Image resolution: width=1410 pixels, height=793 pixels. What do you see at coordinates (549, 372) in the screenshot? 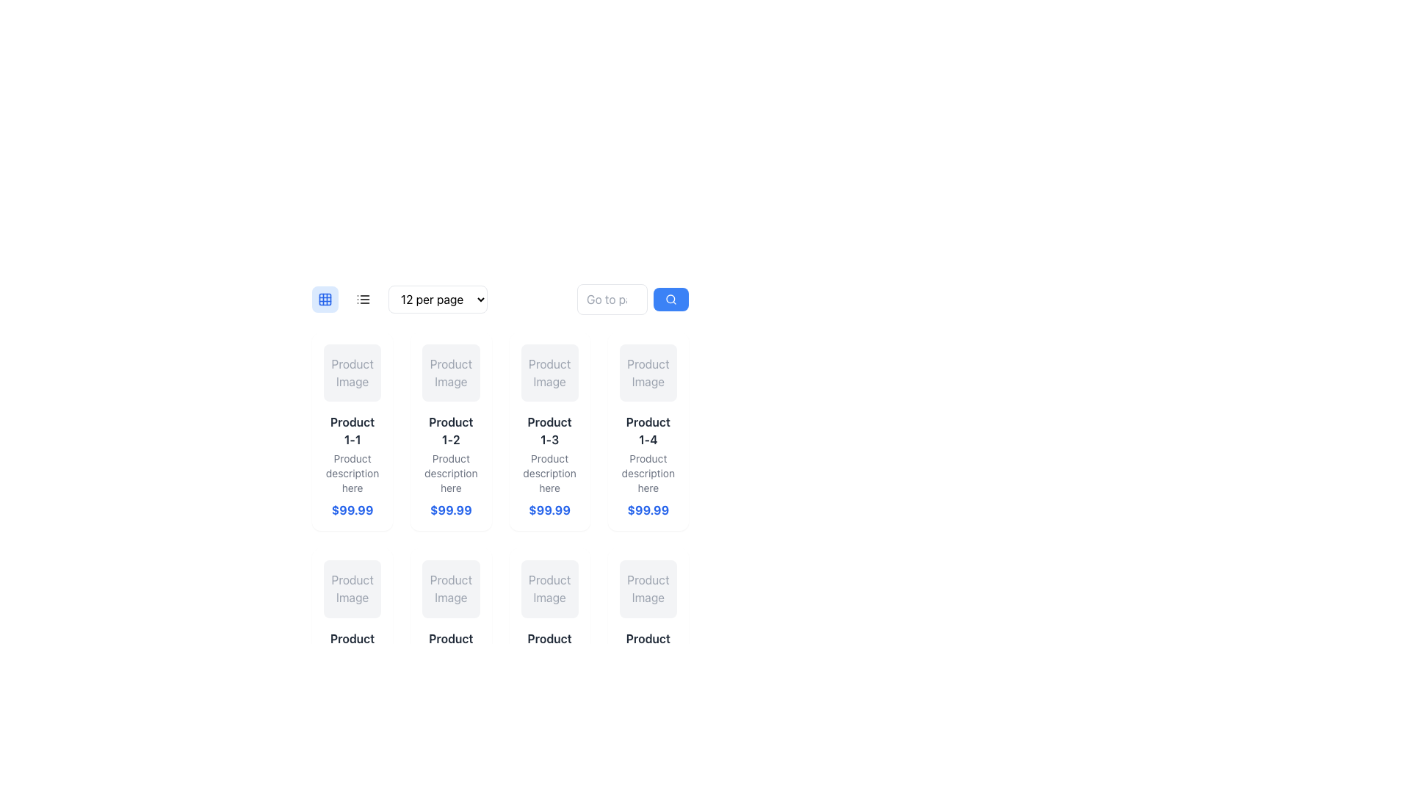
I see `the static content placeholder for the product image, which is located at the top of the product card, the third item in the first row of the grid layout` at bounding box center [549, 372].